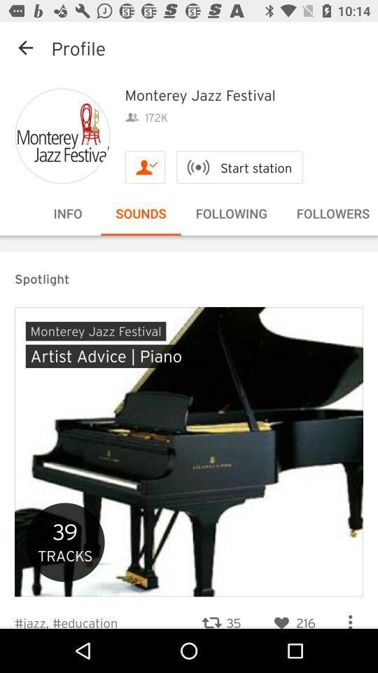 This screenshot has width=378, height=673. What do you see at coordinates (62, 136) in the screenshot?
I see `open home page` at bounding box center [62, 136].